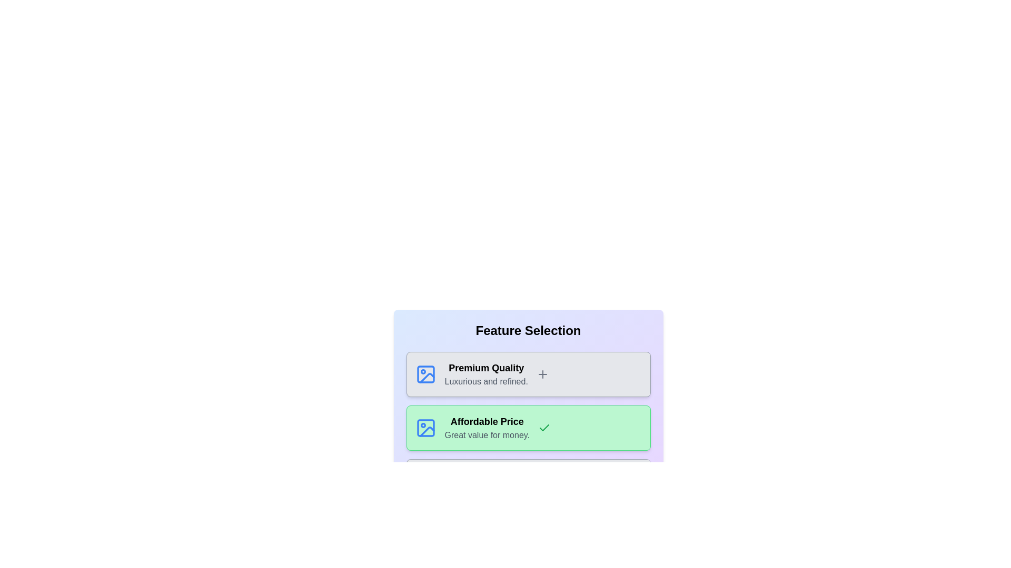 The width and height of the screenshot is (1011, 568). What do you see at coordinates (528, 428) in the screenshot?
I see `the card labeled 'Affordable Price'` at bounding box center [528, 428].